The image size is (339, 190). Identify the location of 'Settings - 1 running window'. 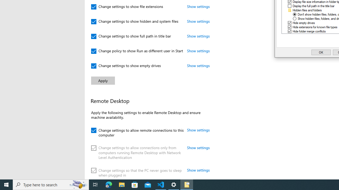
(174, 184).